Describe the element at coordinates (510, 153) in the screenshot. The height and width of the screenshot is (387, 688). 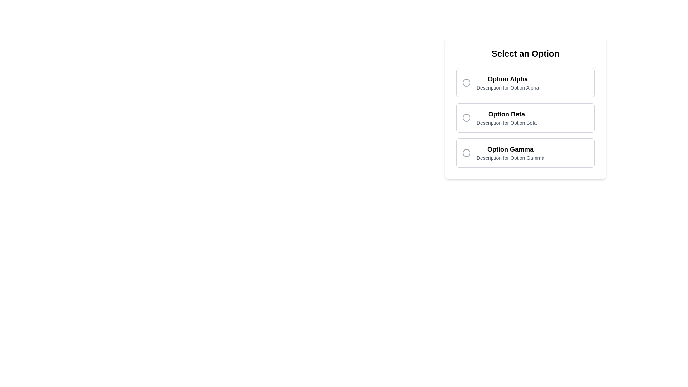
I see `the text label providing descriptive text for 'Option Gamma' in the third option box of the vertical list` at that location.